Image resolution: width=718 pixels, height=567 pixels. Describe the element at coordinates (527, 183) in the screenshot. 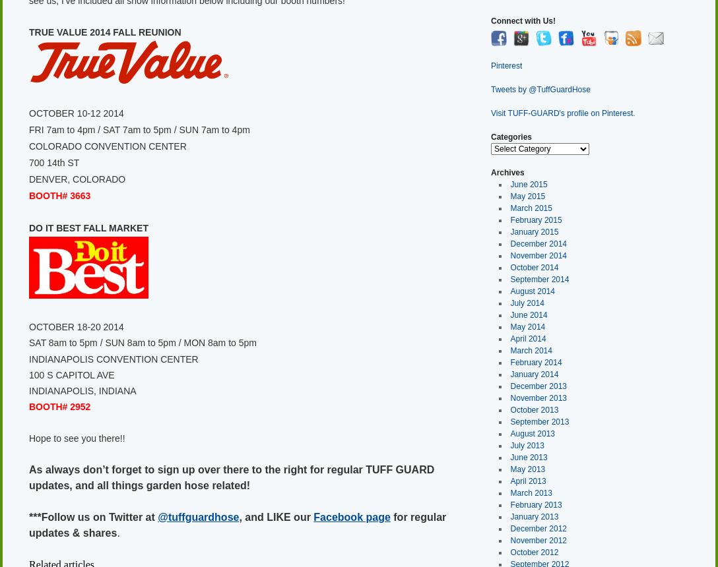

I see `'June 2015'` at that location.